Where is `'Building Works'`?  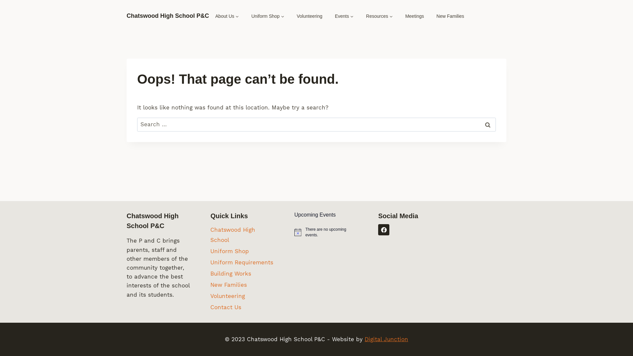
'Building Works' is located at coordinates (210, 273).